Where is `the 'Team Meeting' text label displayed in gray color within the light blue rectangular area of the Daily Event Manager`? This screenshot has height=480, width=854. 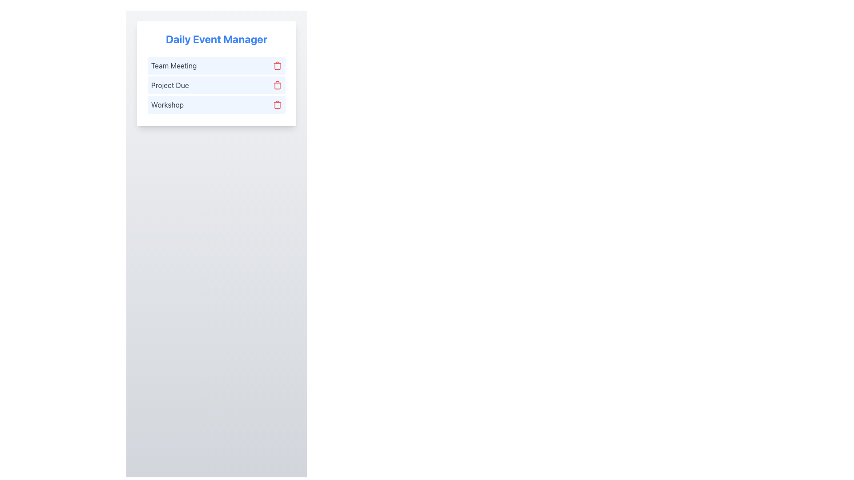 the 'Team Meeting' text label displayed in gray color within the light blue rectangular area of the Daily Event Manager is located at coordinates (174, 65).